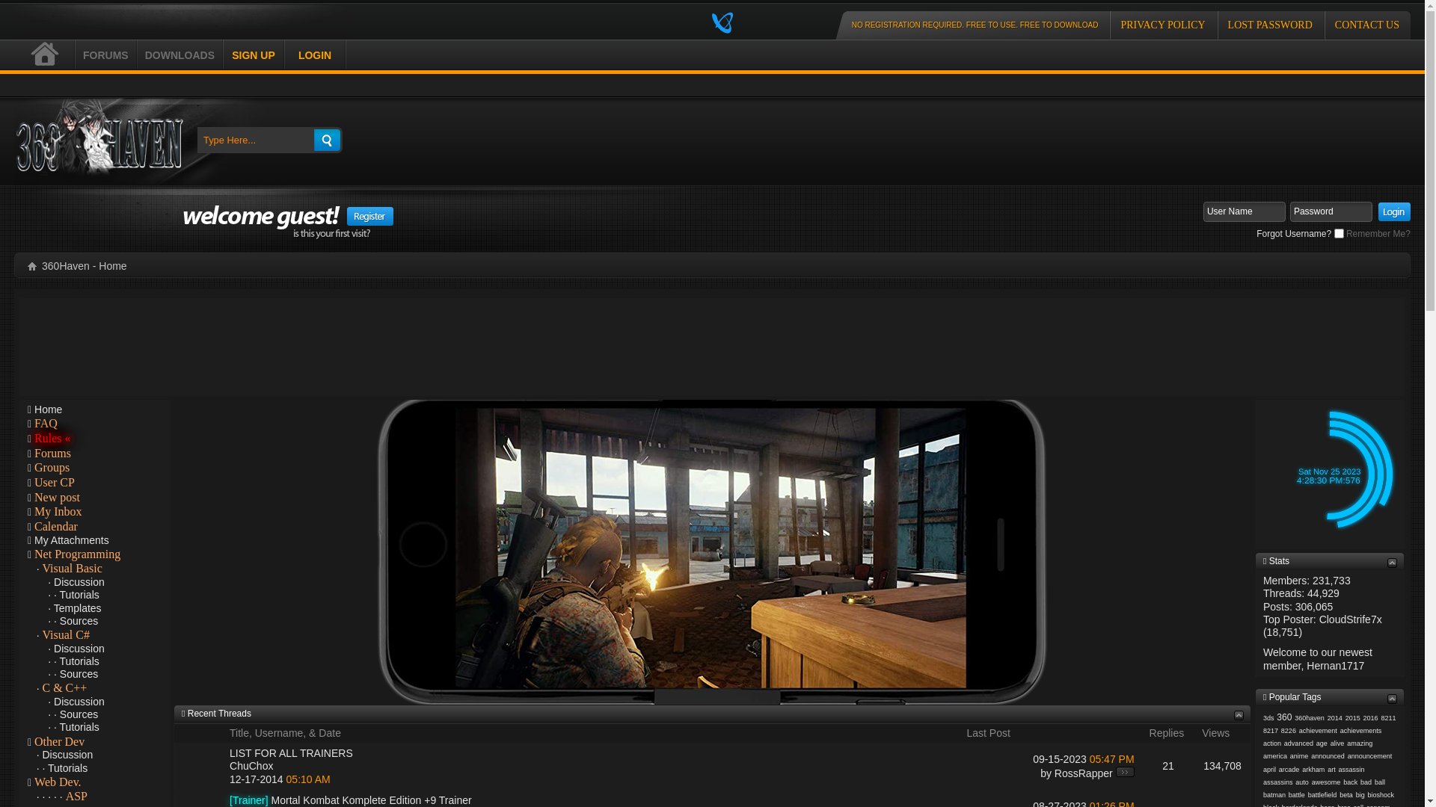 Image resolution: width=1436 pixels, height=807 pixels. What do you see at coordinates (56, 526) in the screenshot?
I see `'Calendar'` at bounding box center [56, 526].